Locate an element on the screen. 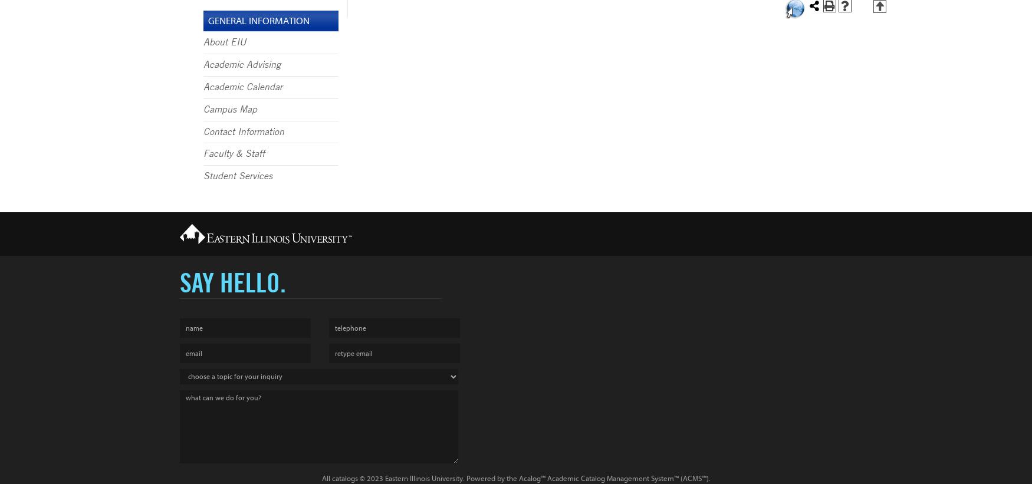 This screenshot has width=1032, height=484. '© 2023 Eastern Illinois University.' is located at coordinates (410, 478).